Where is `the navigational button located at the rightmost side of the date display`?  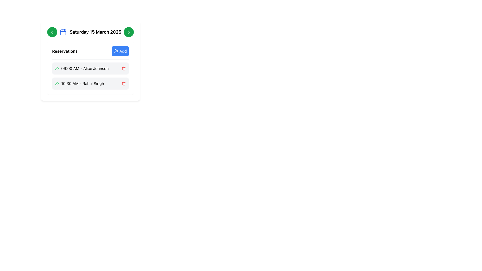 the navigational button located at the rightmost side of the date display is located at coordinates (129, 32).